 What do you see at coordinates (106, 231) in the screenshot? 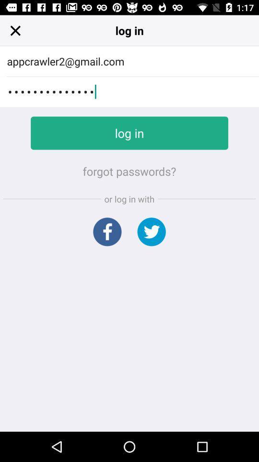
I see `facebook` at bounding box center [106, 231].